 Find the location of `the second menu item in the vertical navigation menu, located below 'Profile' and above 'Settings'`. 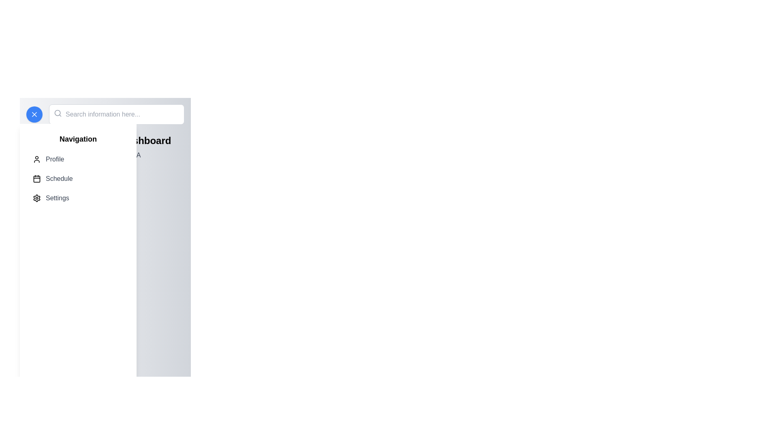

the second menu item in the vertical navigation menu, located below 'Profile' and above 'Settings' is located at coordinates (78, 178).